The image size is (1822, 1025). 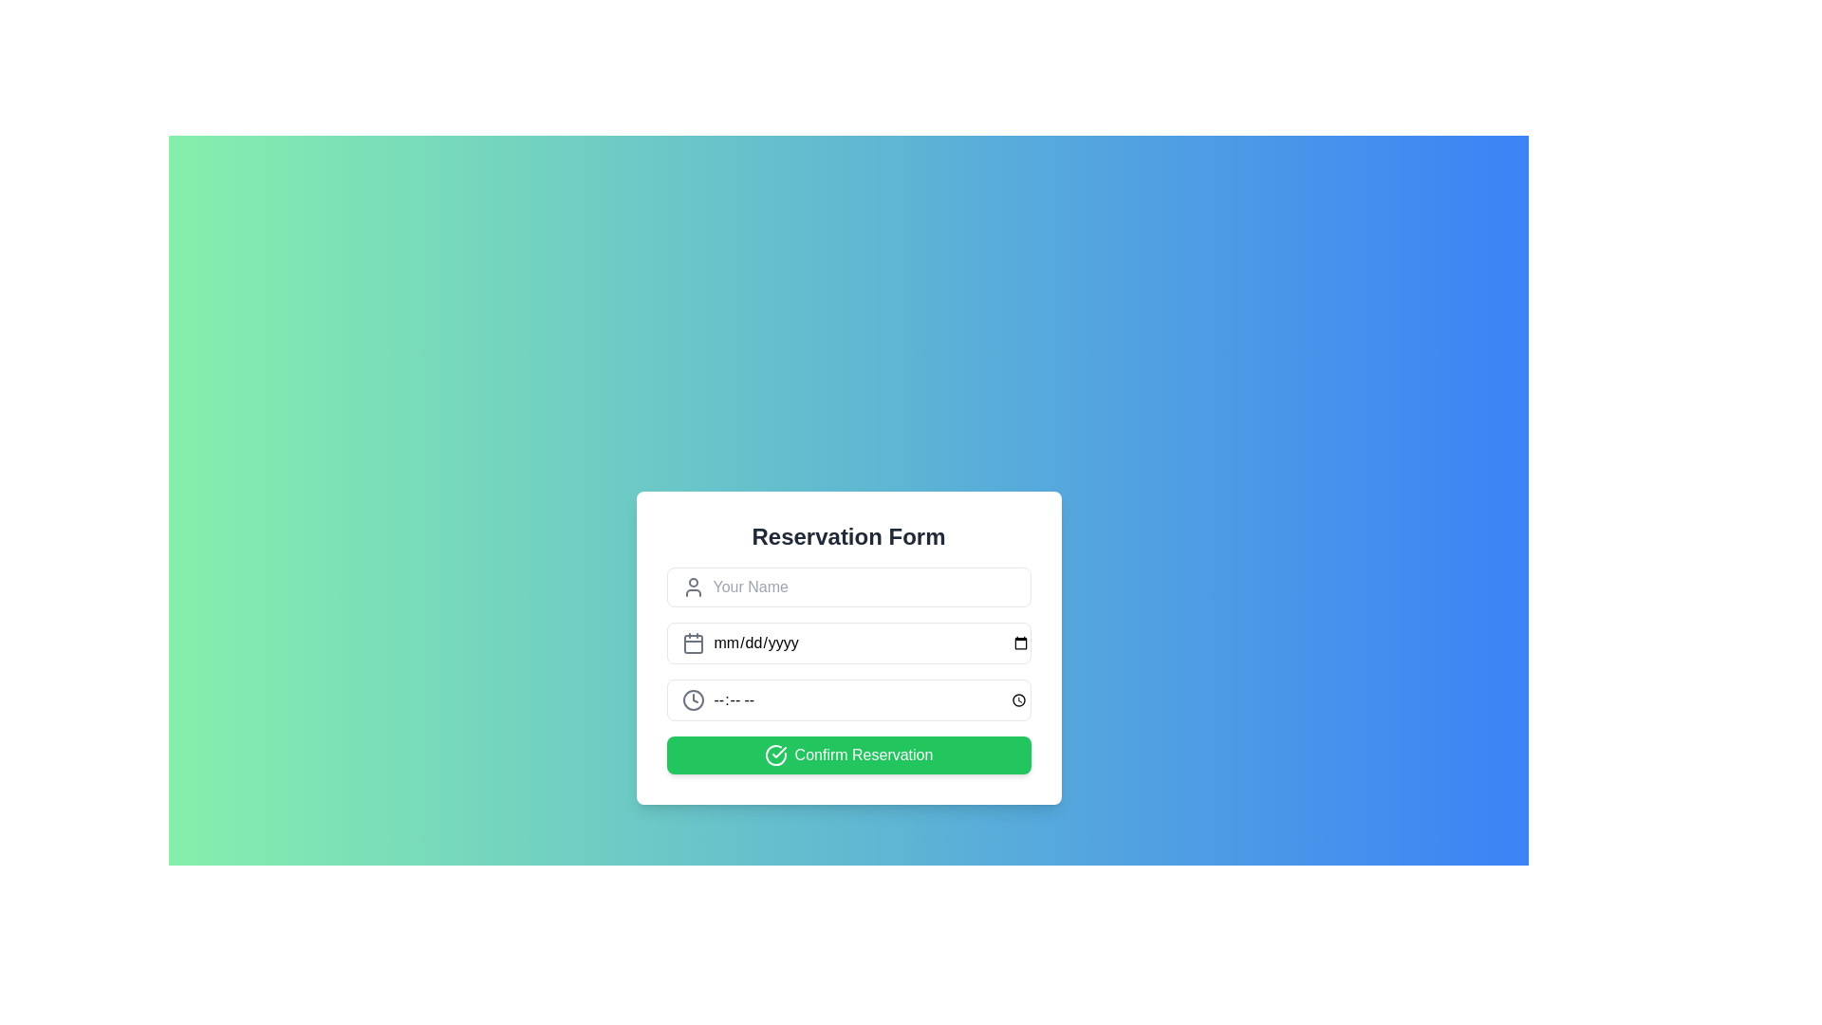 What do you see at coordinates (847, 643) in the screenshot?
I see `the date input field in the 'Reservation Form'` at bounding box center [847, 643].